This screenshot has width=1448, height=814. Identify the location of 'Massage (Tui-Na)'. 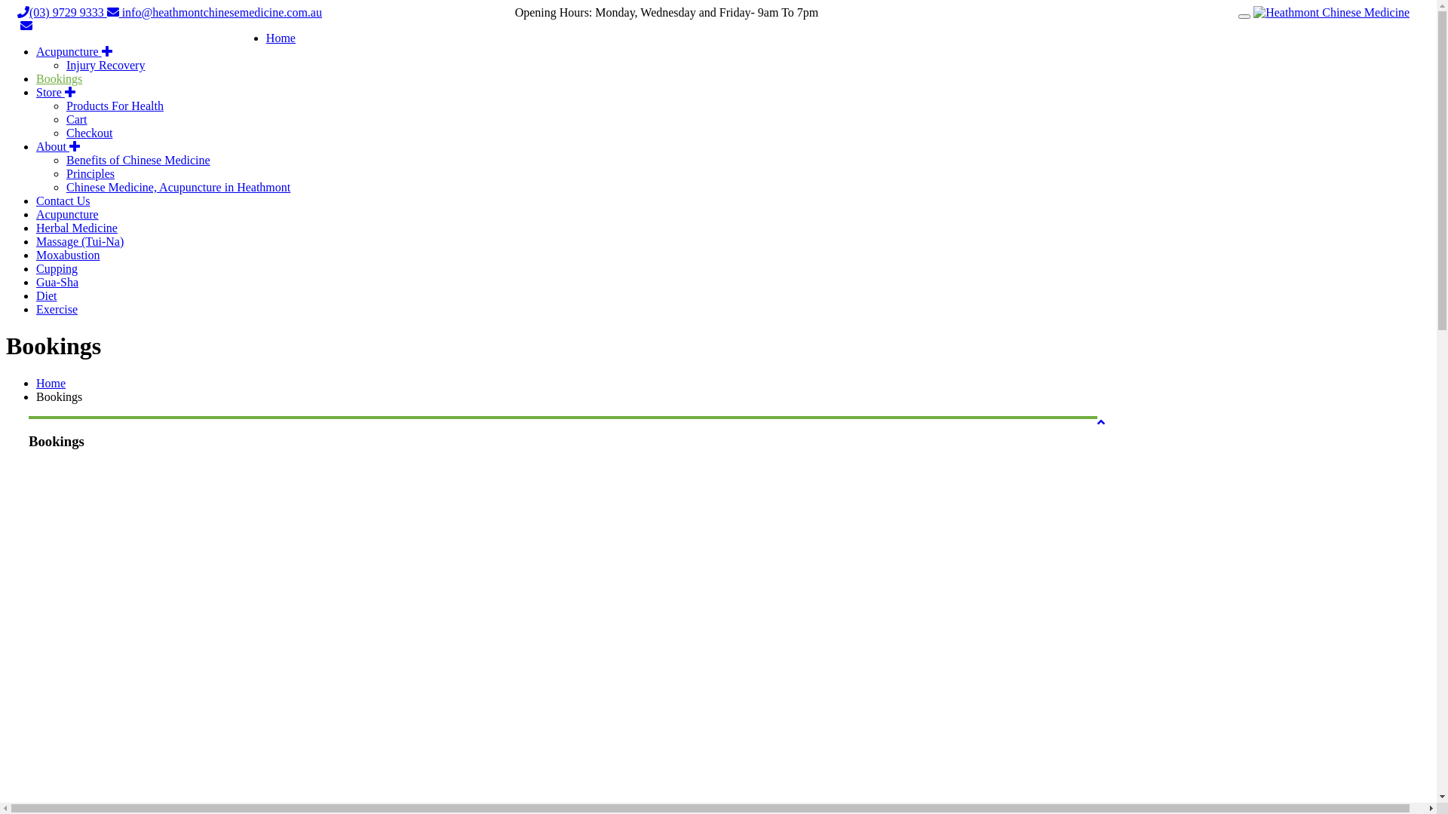
(78, 240).